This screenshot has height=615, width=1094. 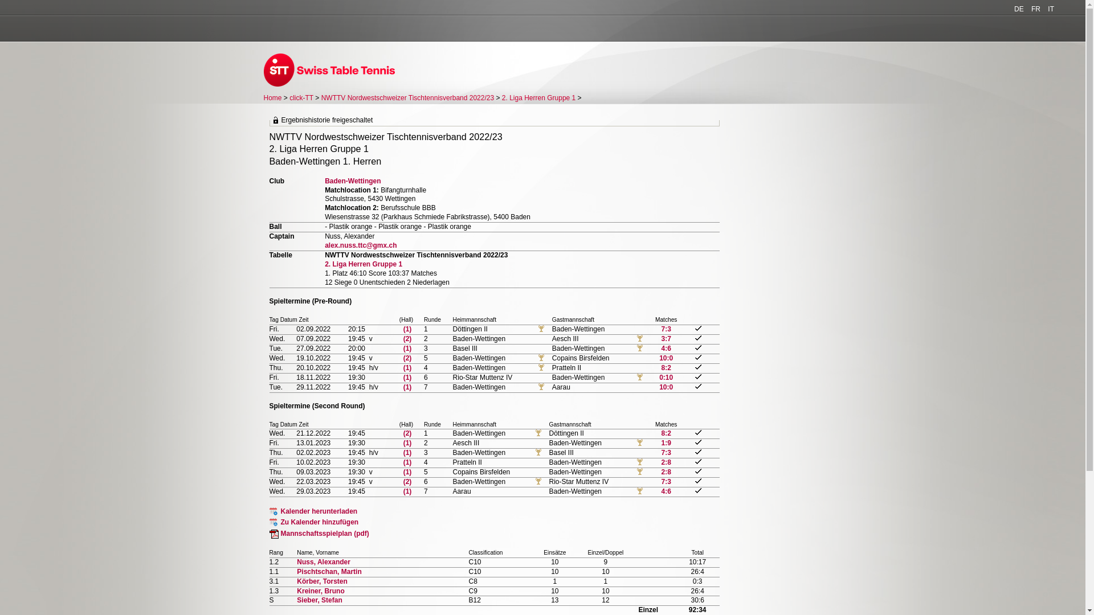 I want to click on '10:0', so click(x=666, y=386).